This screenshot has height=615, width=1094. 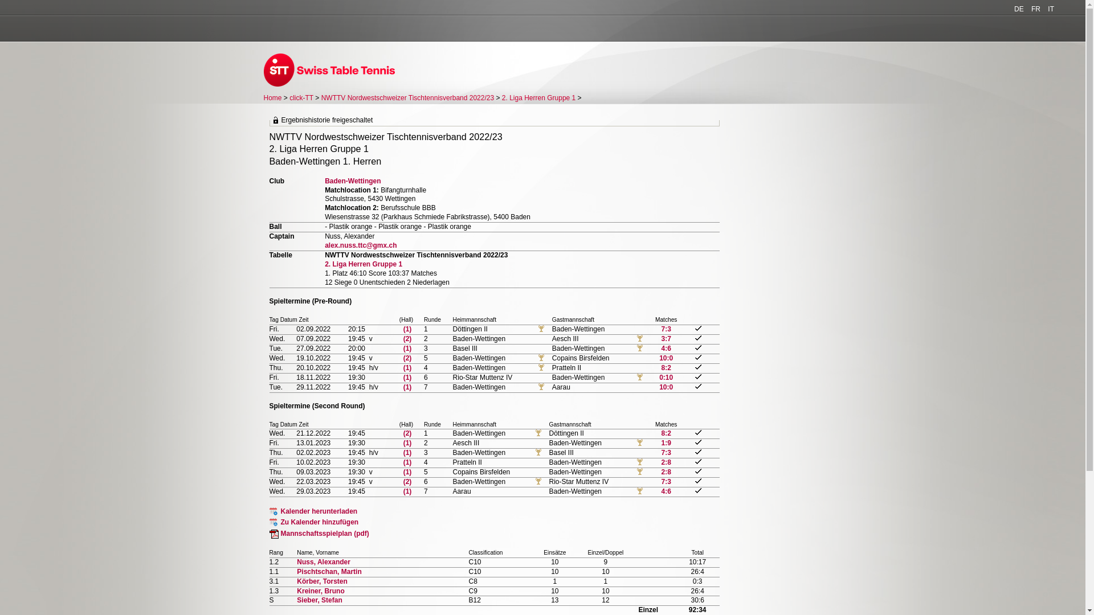 I want to click on '10:0', so click(x=666, y=386).